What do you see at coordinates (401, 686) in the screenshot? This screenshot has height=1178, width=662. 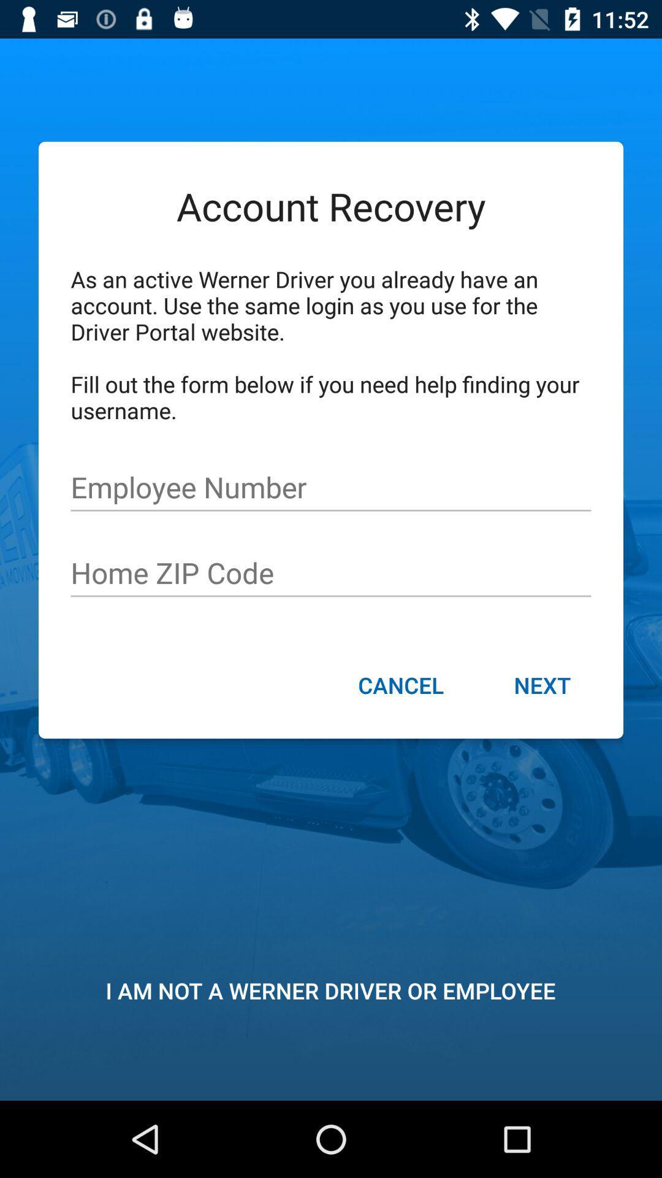 I see `the icon to the left of next item` at bounding box center [401, 686].